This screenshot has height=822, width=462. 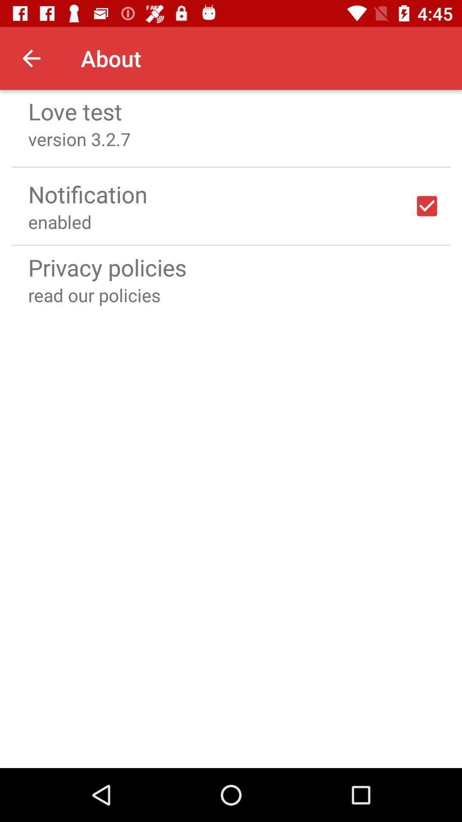 What do you see at coordinates (427, 206) in the screenshot?
I see `item next to notification` at bounding box center [427, 206].